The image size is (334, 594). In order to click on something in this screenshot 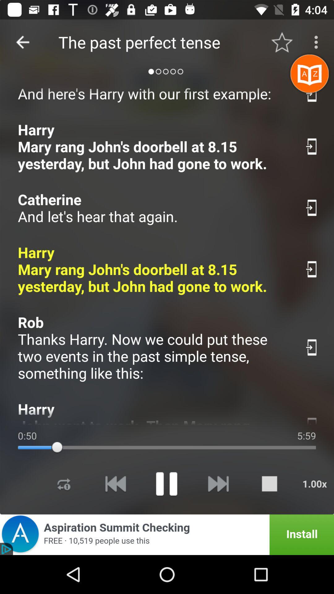, I will do `click(166, 483)`.